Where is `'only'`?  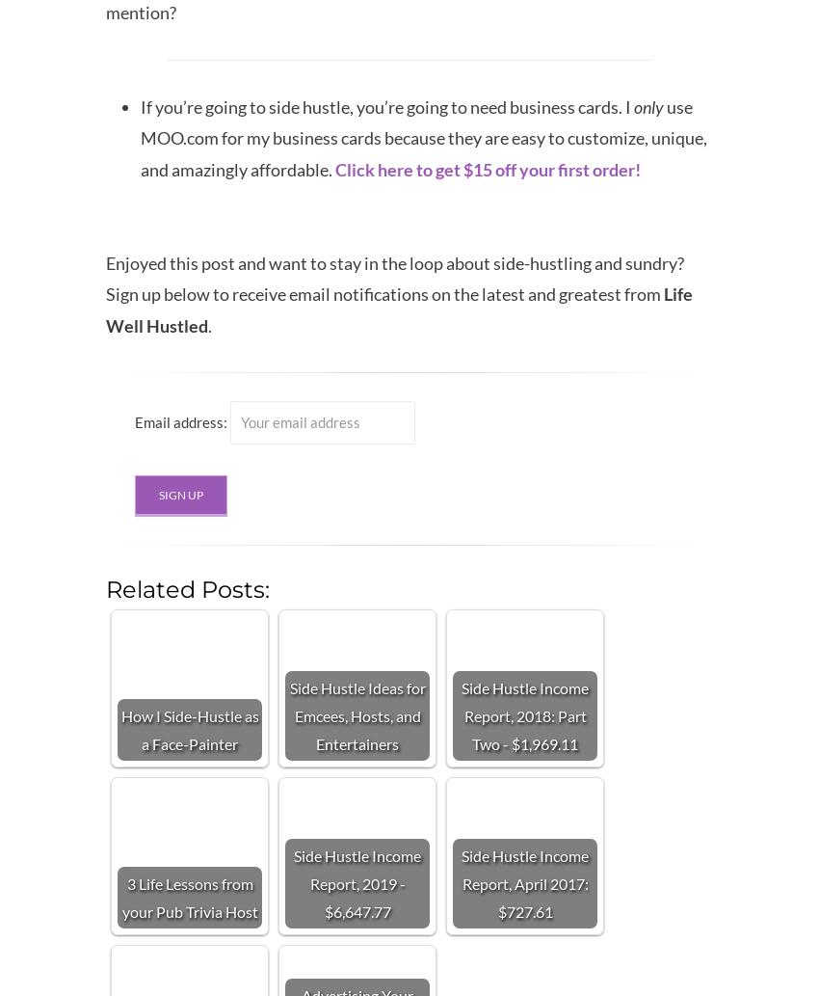 'only' is located at coordinates (648, 106).